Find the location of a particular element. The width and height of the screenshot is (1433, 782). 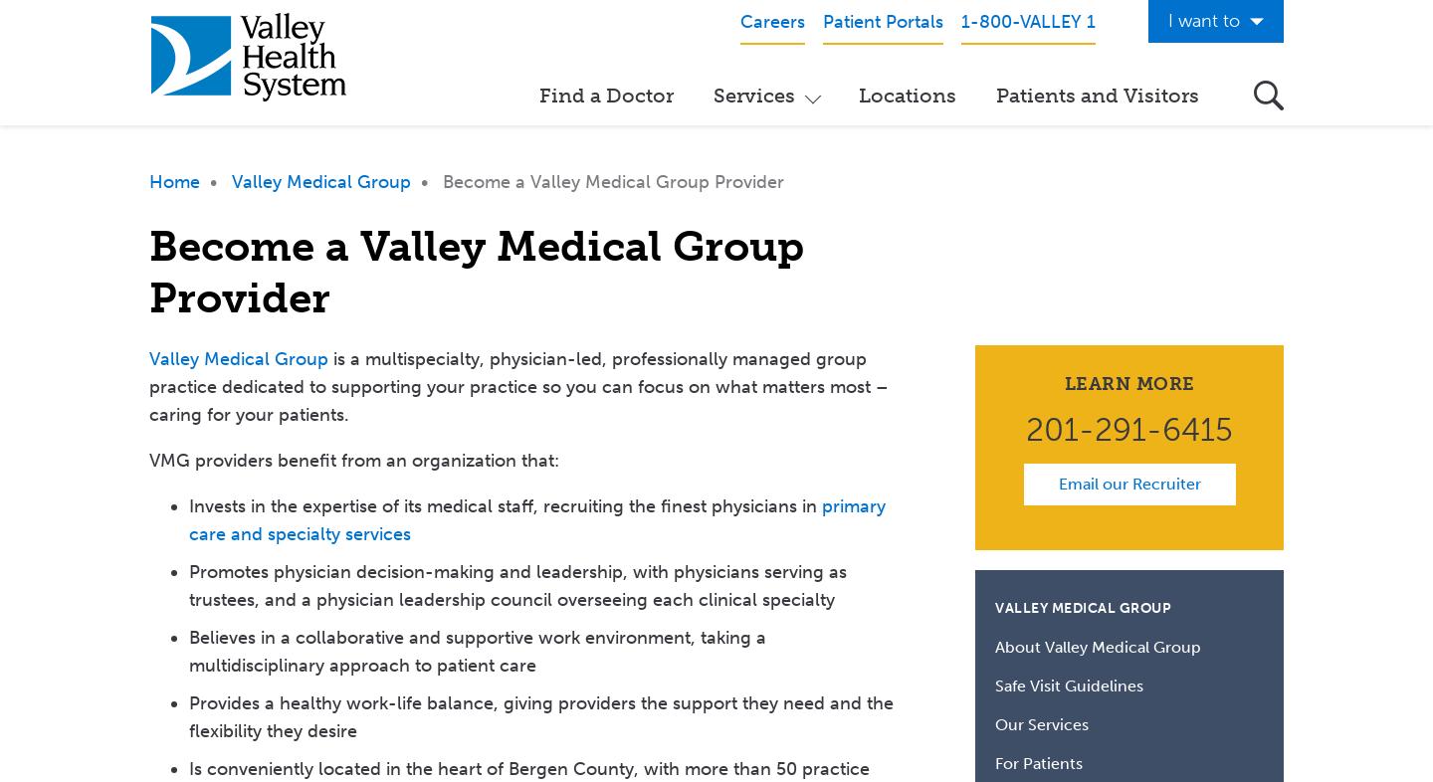

'Believes in a collaborative and supportive work environment, taking a multidisciplinary approach to patient care' is located at coordinates (477, 651).